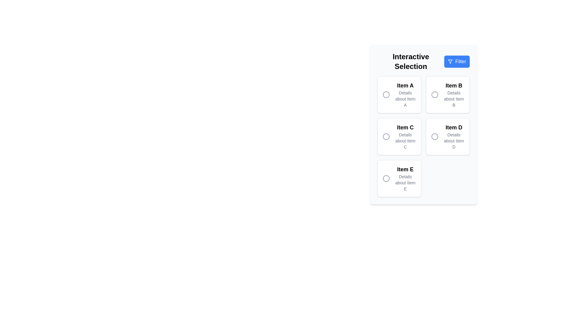 Image resolution: width=583 pixels, height=328 pixels. What do you see at coordinates (386, 137) in the screenshot?
I see `the radio button for 'Item C', which is a circular selection control on the right-hand panel` at bounding box center [386, 137].